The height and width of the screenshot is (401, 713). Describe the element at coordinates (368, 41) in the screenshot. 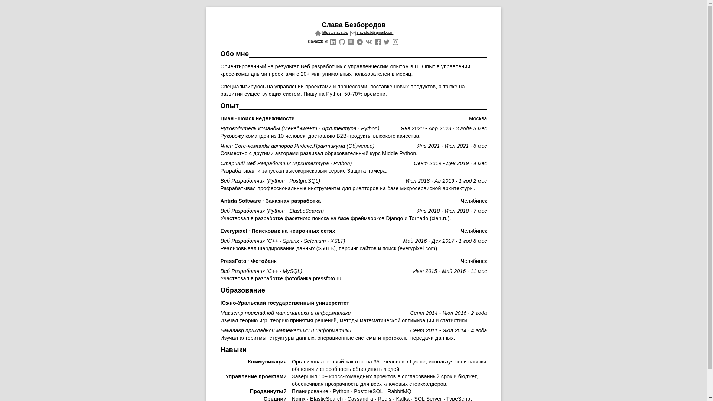

I see `'slavabzb'` at that location.